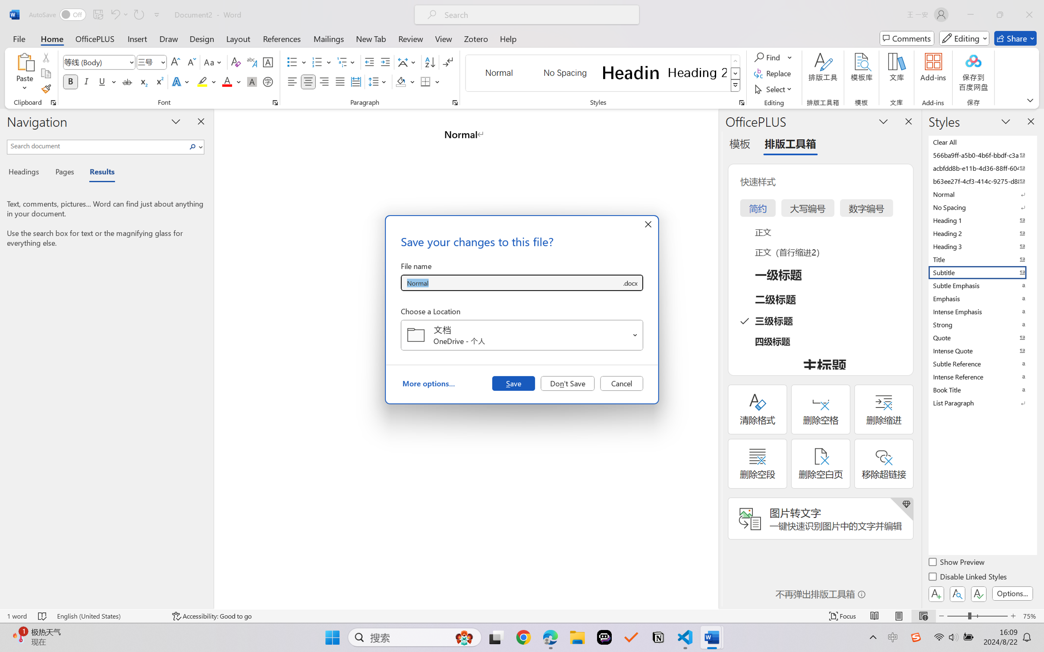  What do you see at coordinates (981, 351) in the screenshot?
I see `'Intense Quote'` at bounding box center [981, 351].